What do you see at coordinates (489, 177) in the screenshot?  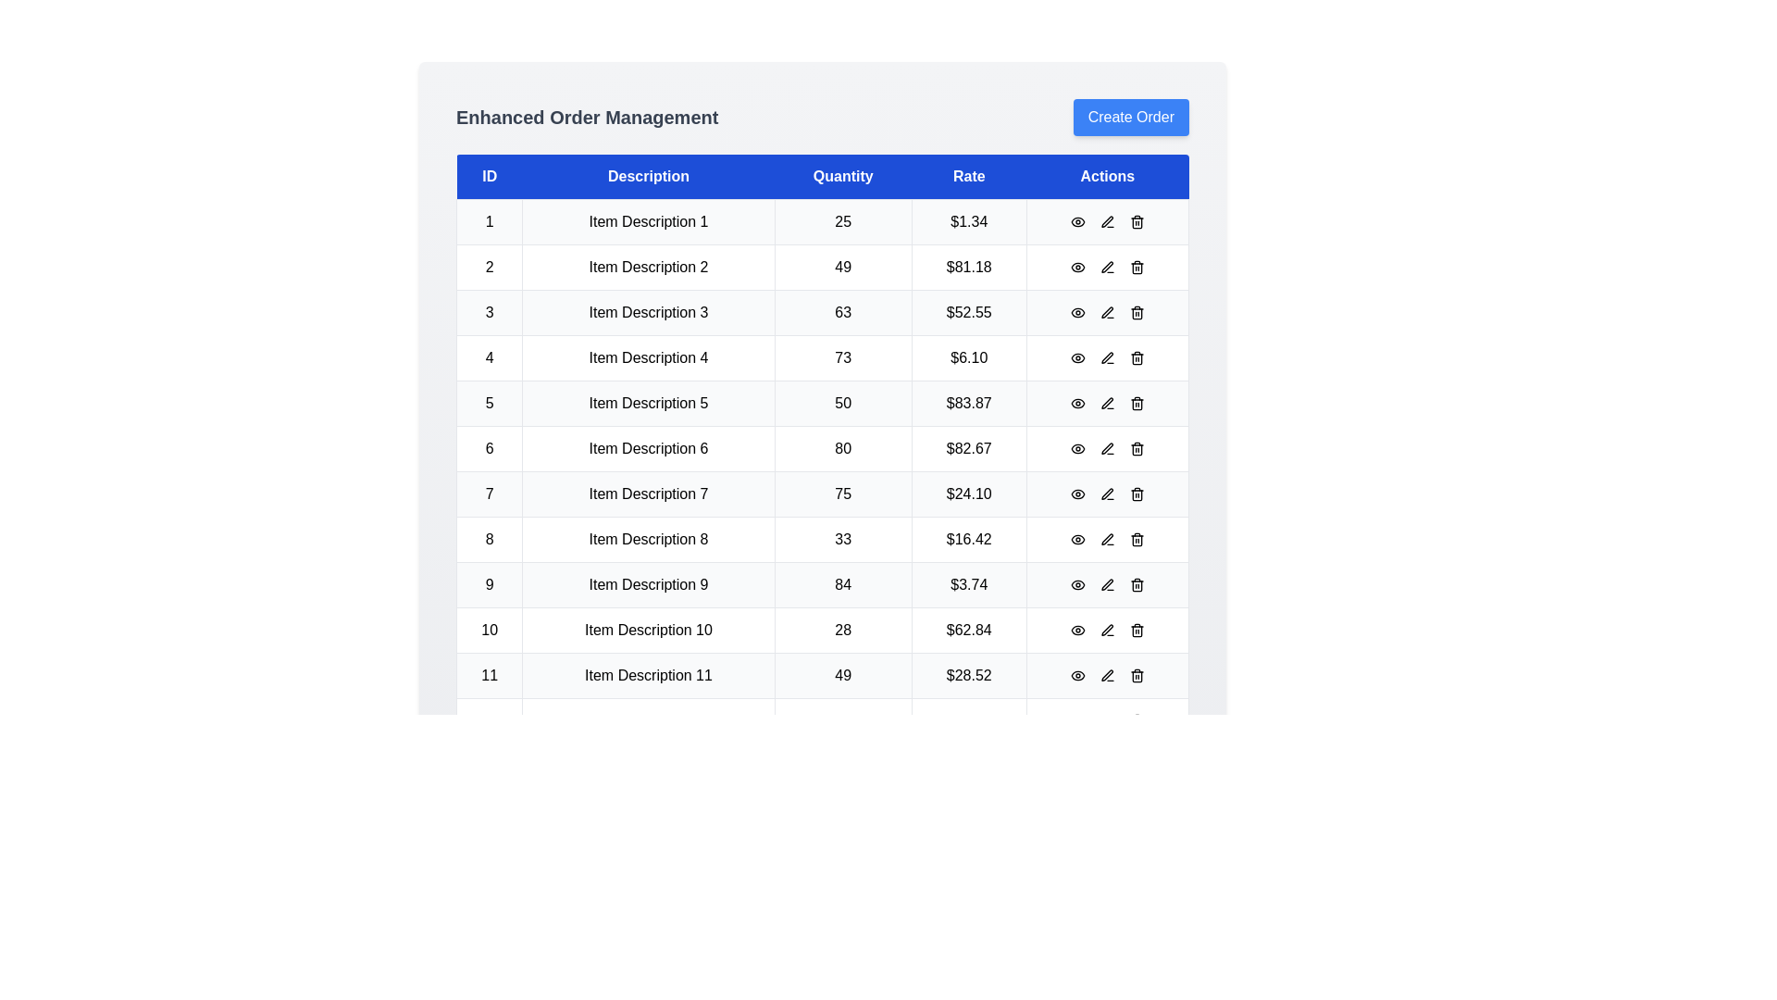 I see `the header labeled ID to sort the table by that column` at bounding box center [489, 177].